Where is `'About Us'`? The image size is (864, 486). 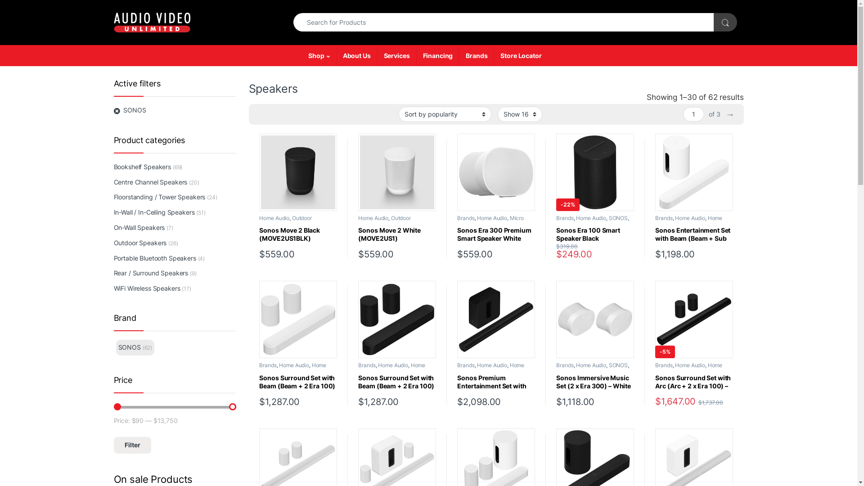
'About Us' is located at coordinates (336, 55).